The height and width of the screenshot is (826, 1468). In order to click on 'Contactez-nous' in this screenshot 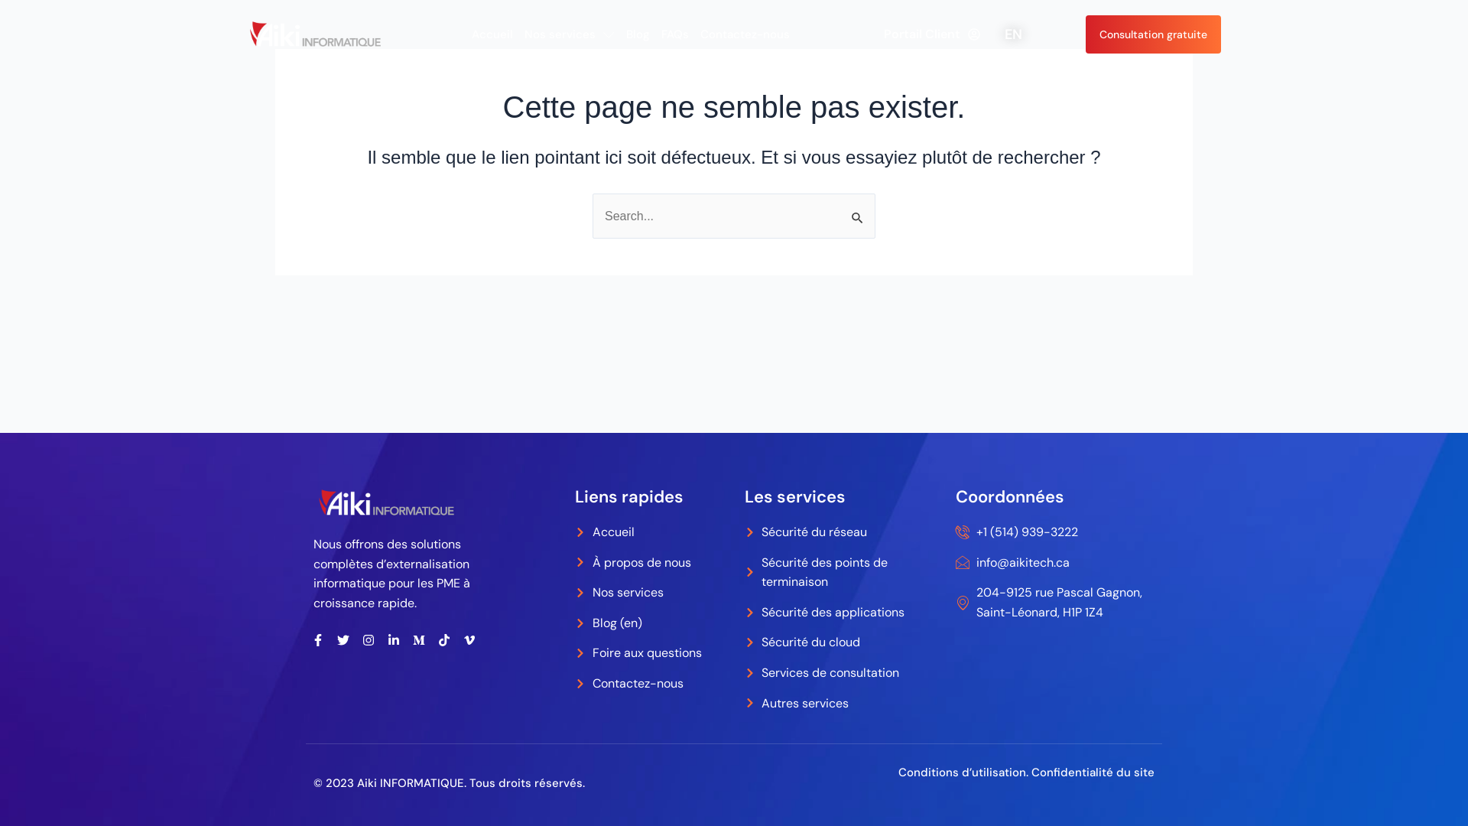, I will do `click(745, 34)`.